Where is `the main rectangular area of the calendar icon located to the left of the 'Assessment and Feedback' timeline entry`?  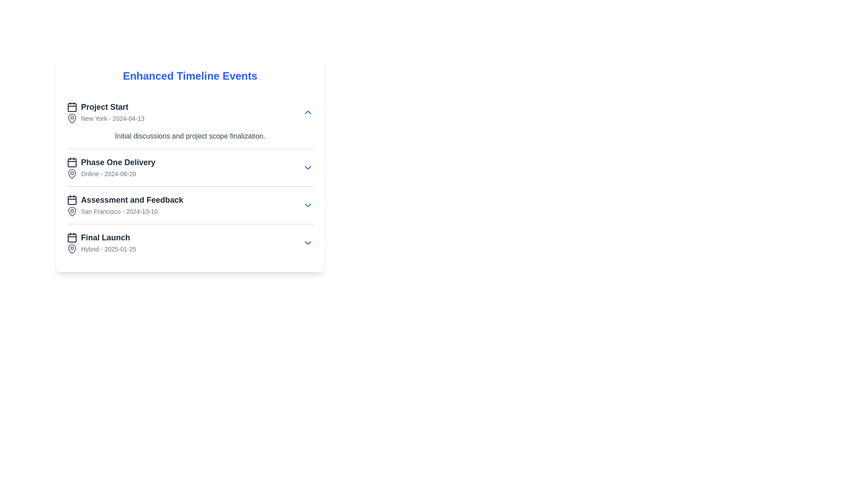
the main rectangular area of the calendar icon located to the left of the 'Assessment and Feedback' timeline entry is located at coordinates (72, 200).